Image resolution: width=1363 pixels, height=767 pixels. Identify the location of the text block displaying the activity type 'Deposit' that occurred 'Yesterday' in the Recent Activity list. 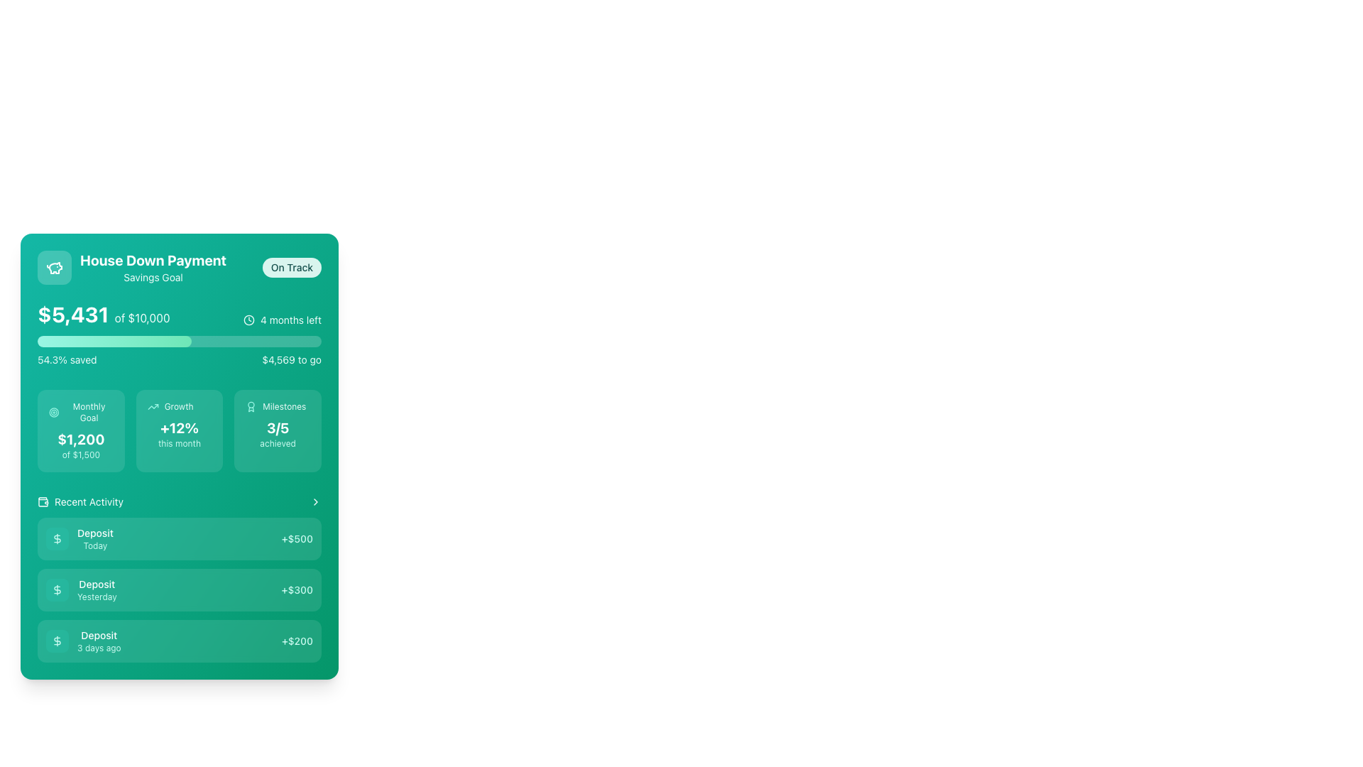
(96, 589).